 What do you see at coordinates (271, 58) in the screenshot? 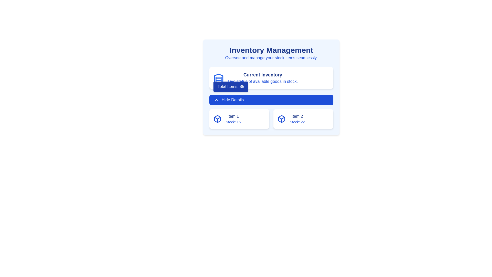
I see `the Text Display element located directly beneath the 'Inventory Management' heading, which provides additional context about the functionalities of this section` at bounding box center [271, 58].